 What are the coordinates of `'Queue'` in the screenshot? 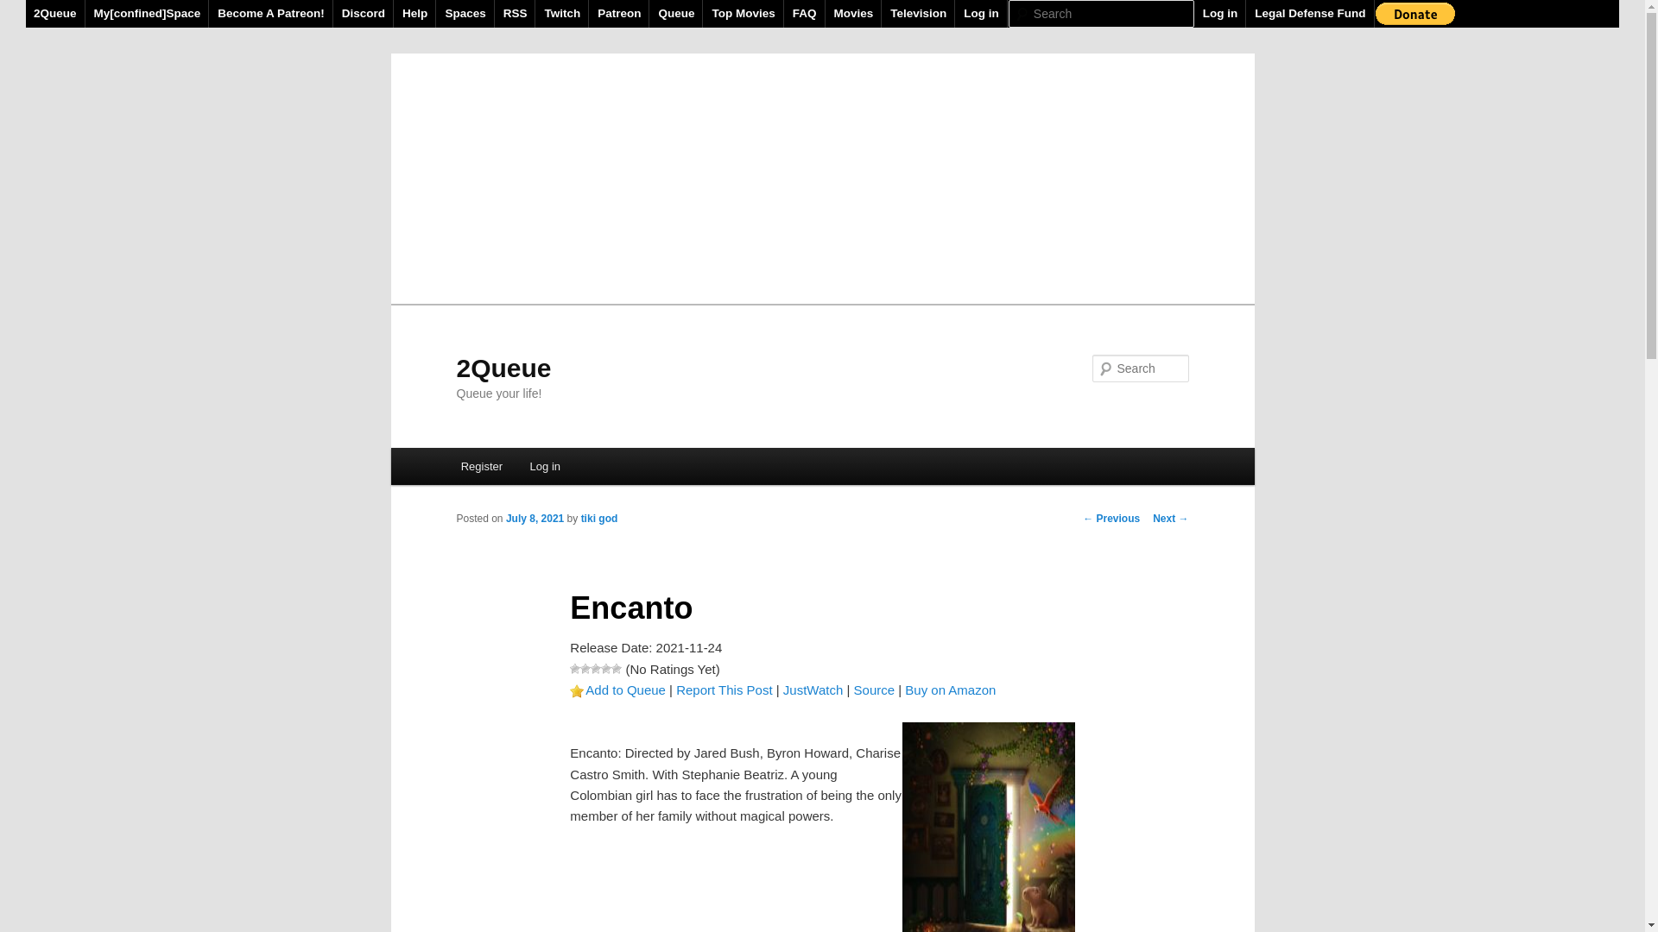 It's located at (675, 13).